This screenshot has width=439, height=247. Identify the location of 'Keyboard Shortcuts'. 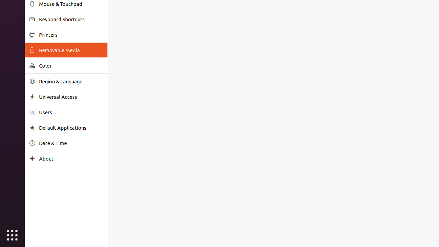
(71, 19).